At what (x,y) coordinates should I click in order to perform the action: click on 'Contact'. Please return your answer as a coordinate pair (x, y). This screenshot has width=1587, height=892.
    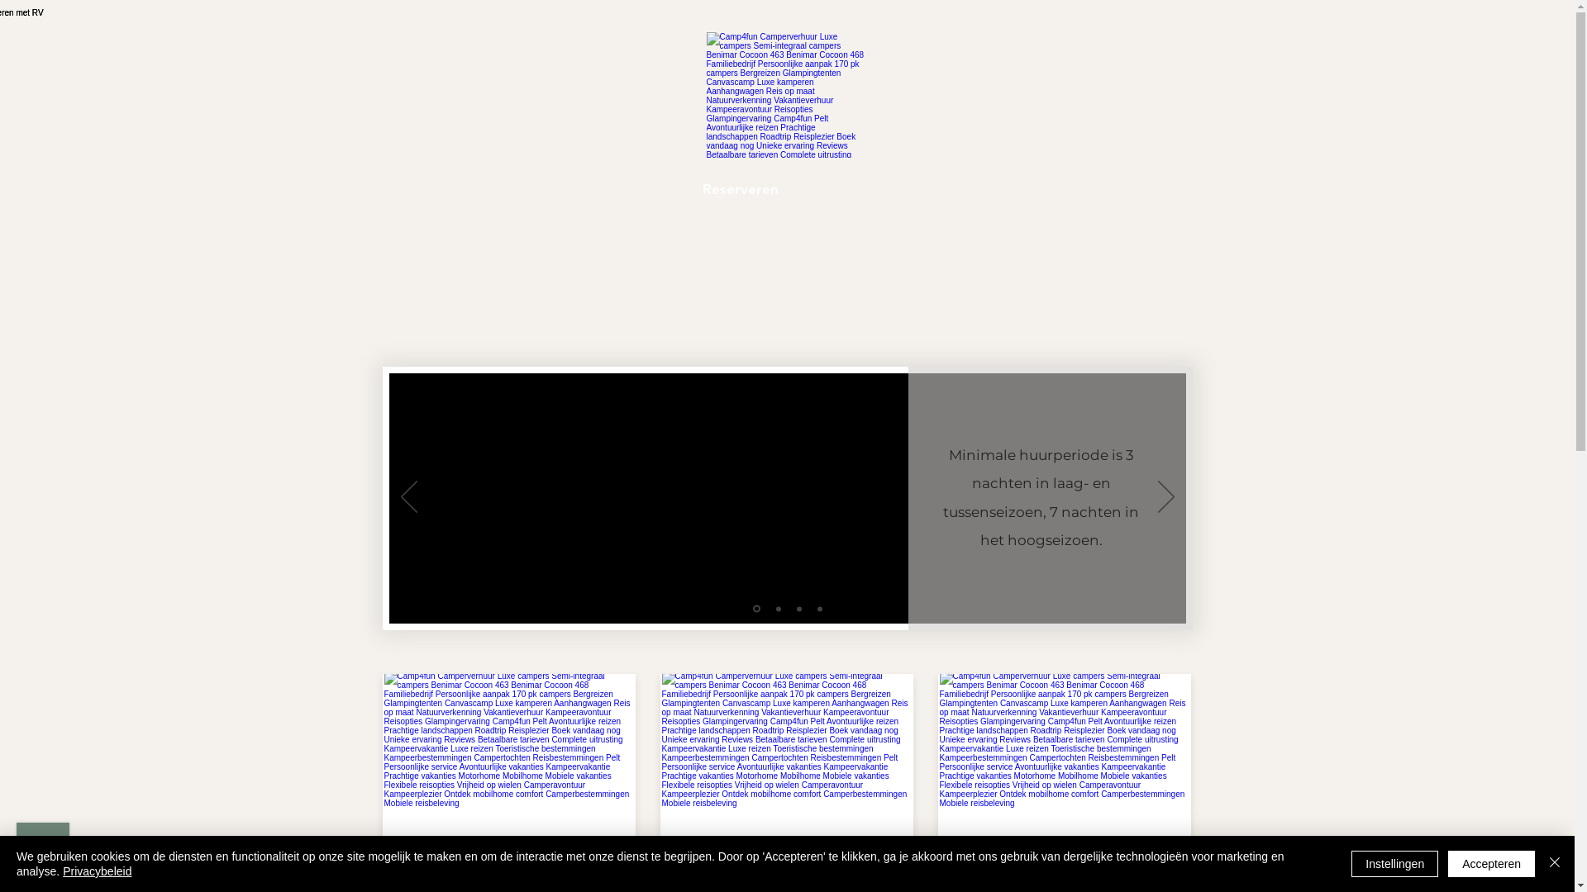
    Looking at the image, I should click on (832, 187).